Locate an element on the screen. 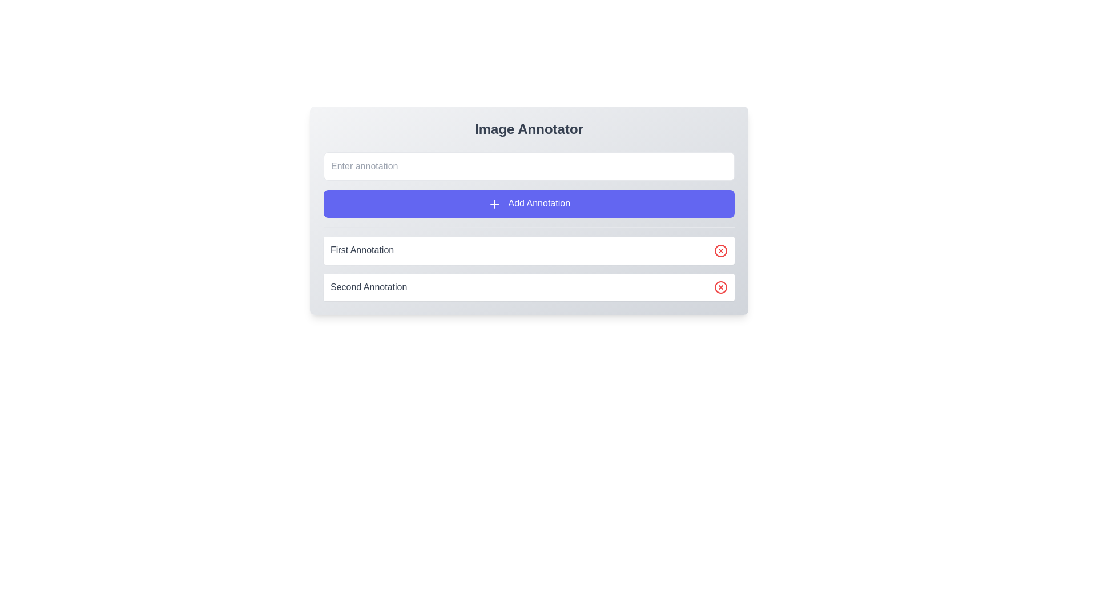 Image resolution: width=1096 pixels, height=616 pixels. the delete button located on the far-right side of the row containing the text 'Second Annotation' to initiate the deletion process is located at coordinates (720, 286).